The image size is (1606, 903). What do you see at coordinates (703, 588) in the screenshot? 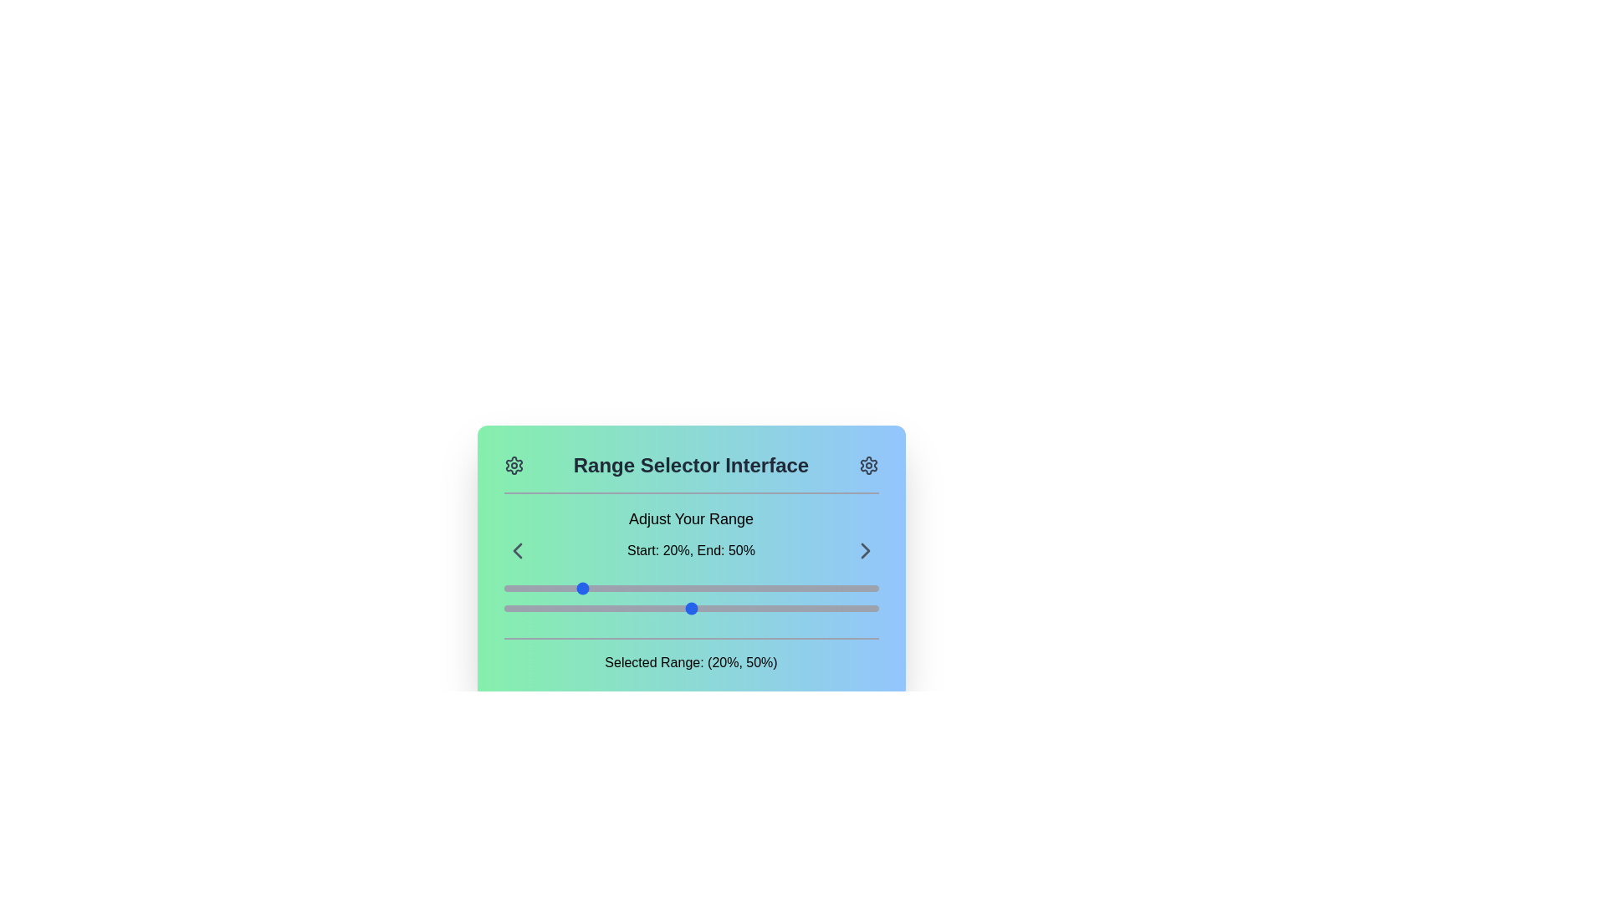
I see `the slider` at bounding box center [703, 588].